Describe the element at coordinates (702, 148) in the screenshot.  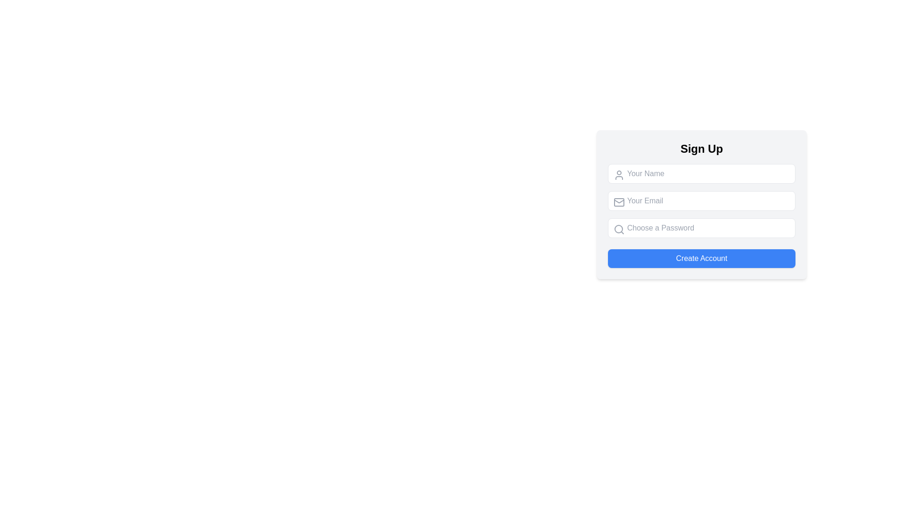
I see `text label 'Sign Up' which is prominently displayed at the top center of the card layout with a light gray background` at that location.